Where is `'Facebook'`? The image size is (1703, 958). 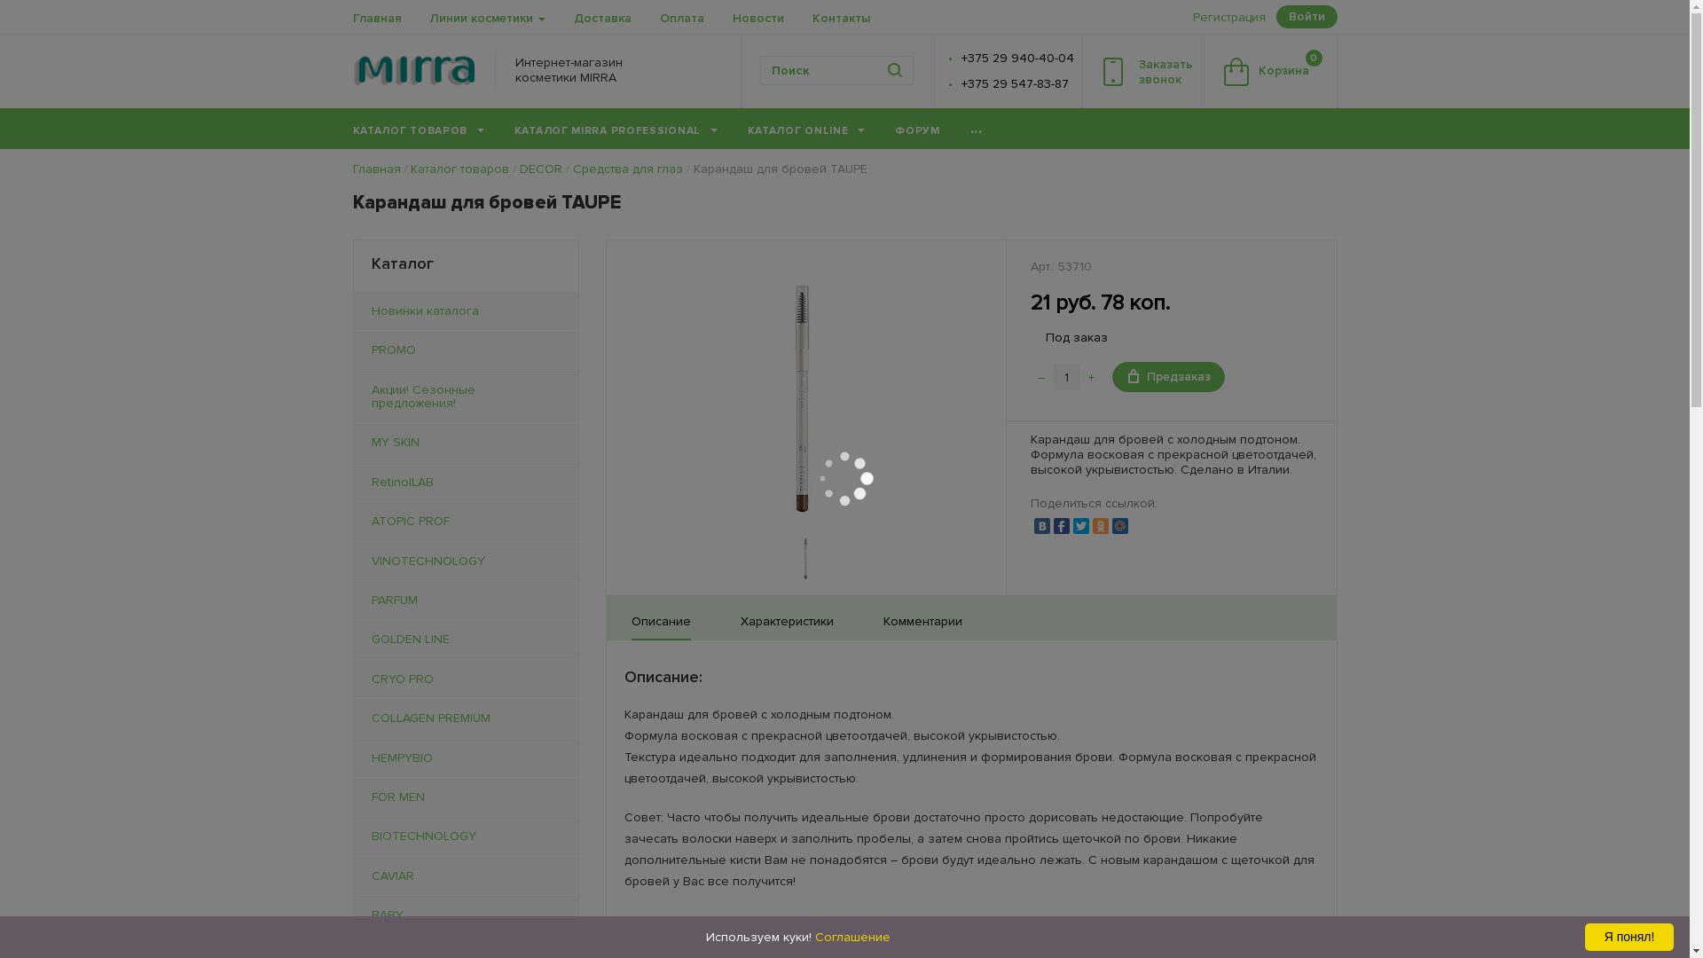
'Facebook' is located at coordinates (1054, 525).